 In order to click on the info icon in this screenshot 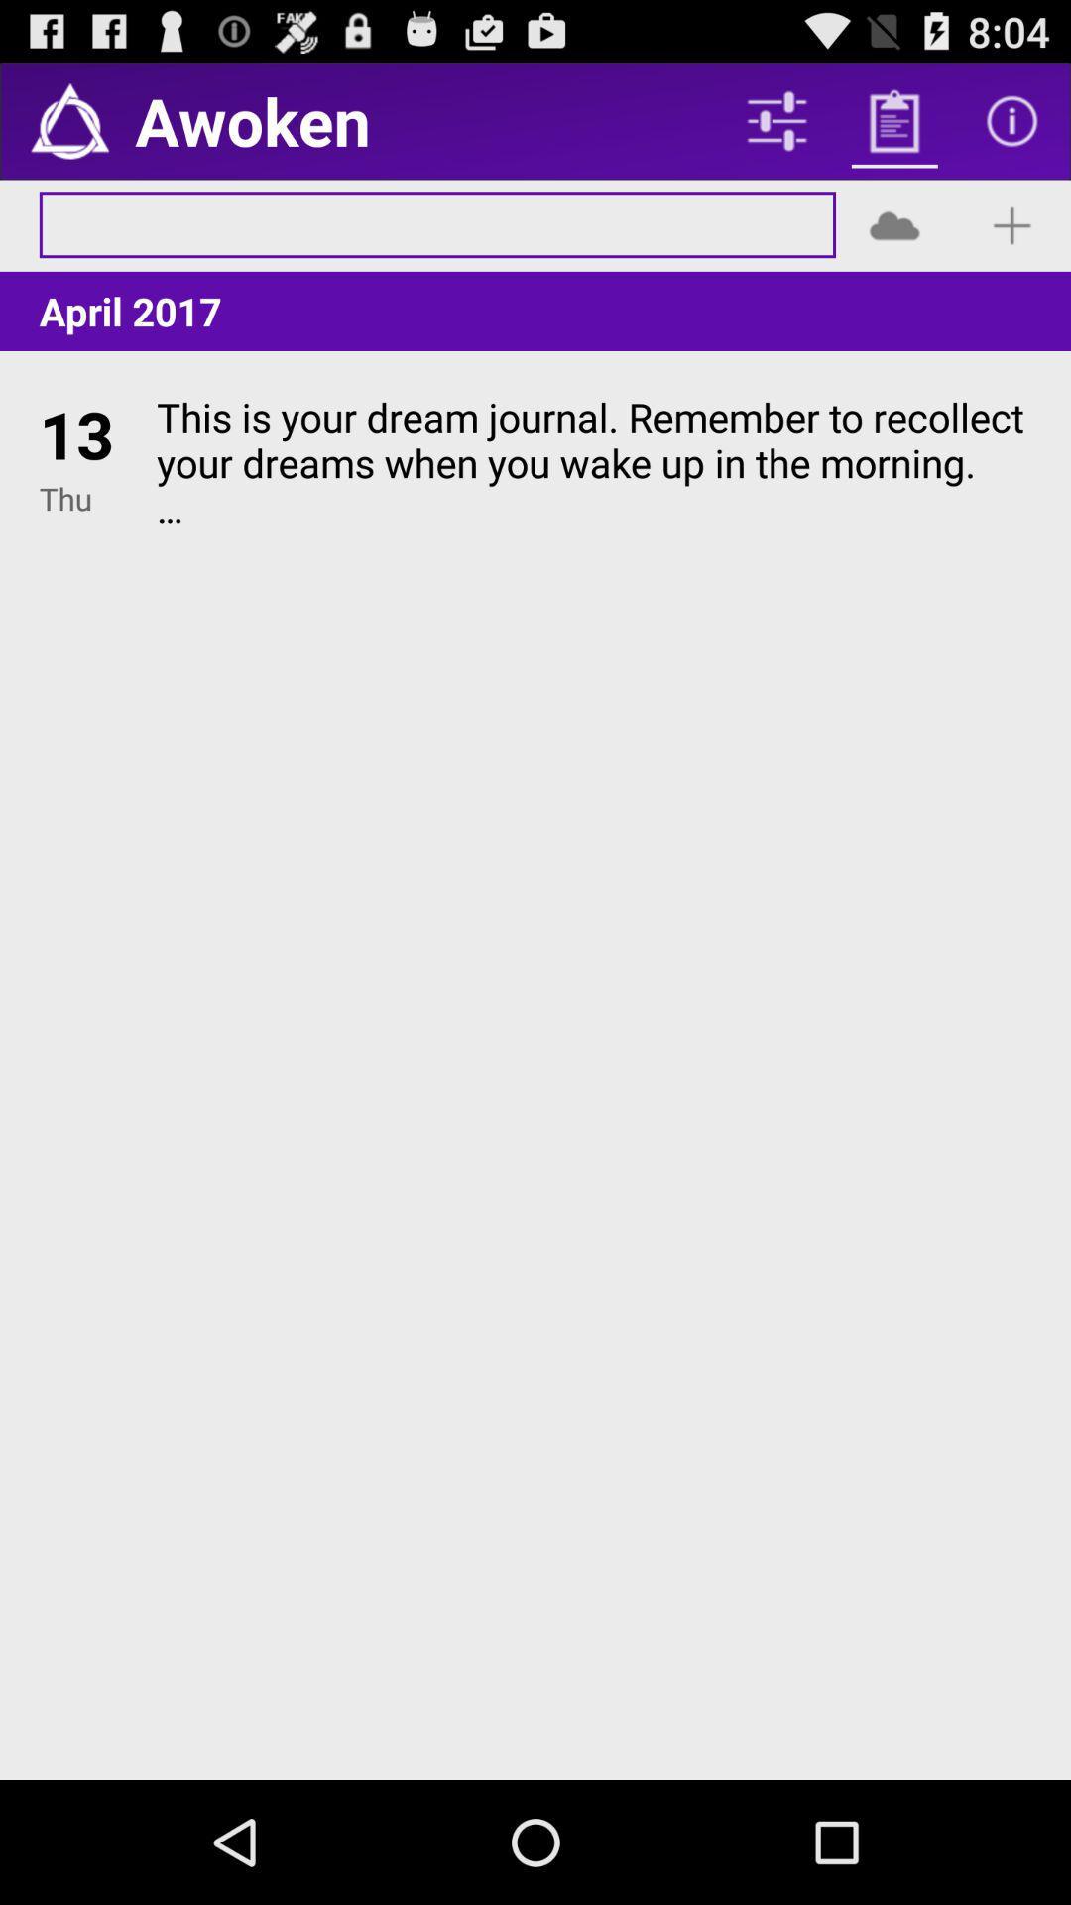, I will do `click(1011, 128)`.